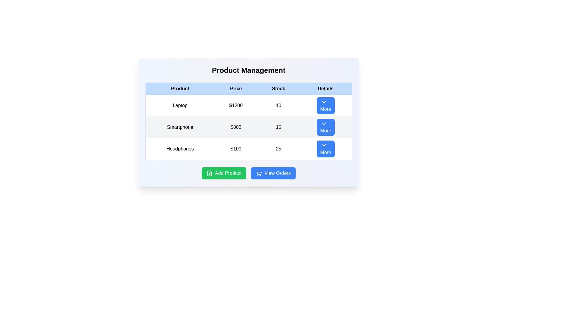 The image size is (578, 325). What do you see at coordinates (325, 127) in the screenshot?
I see `the blue 'More' button with a chevron-down icon in the 'Details' column of the 'Smartphone' product row` at bounding box center [325, 127].